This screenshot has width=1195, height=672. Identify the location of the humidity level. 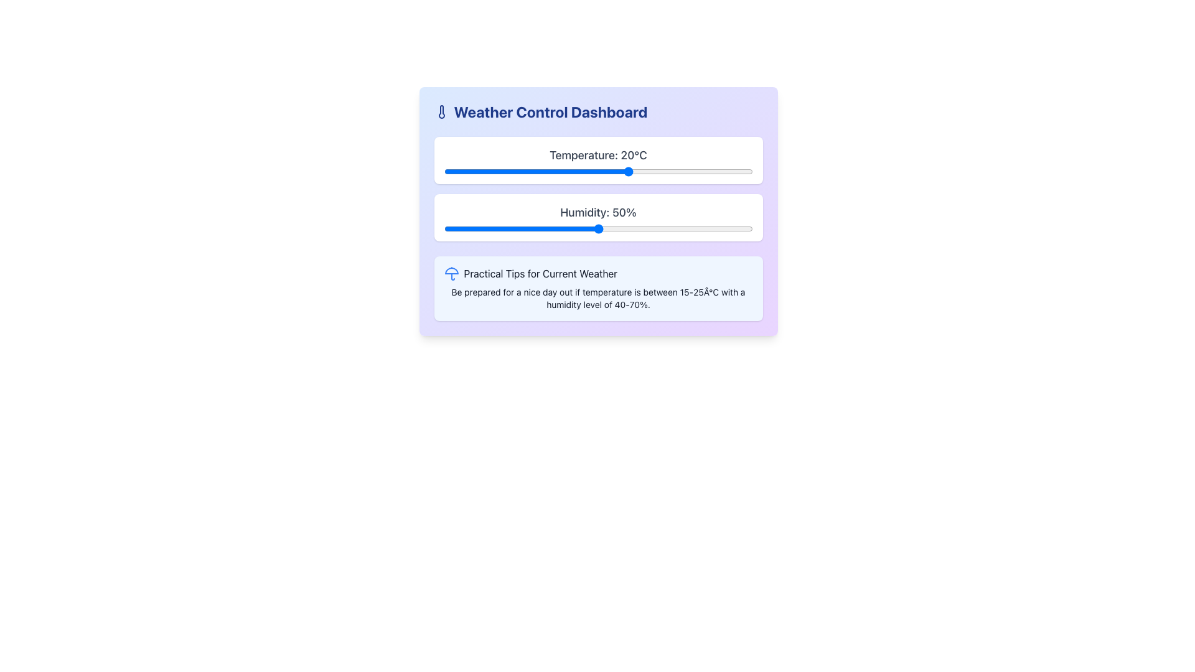
(576, 228).